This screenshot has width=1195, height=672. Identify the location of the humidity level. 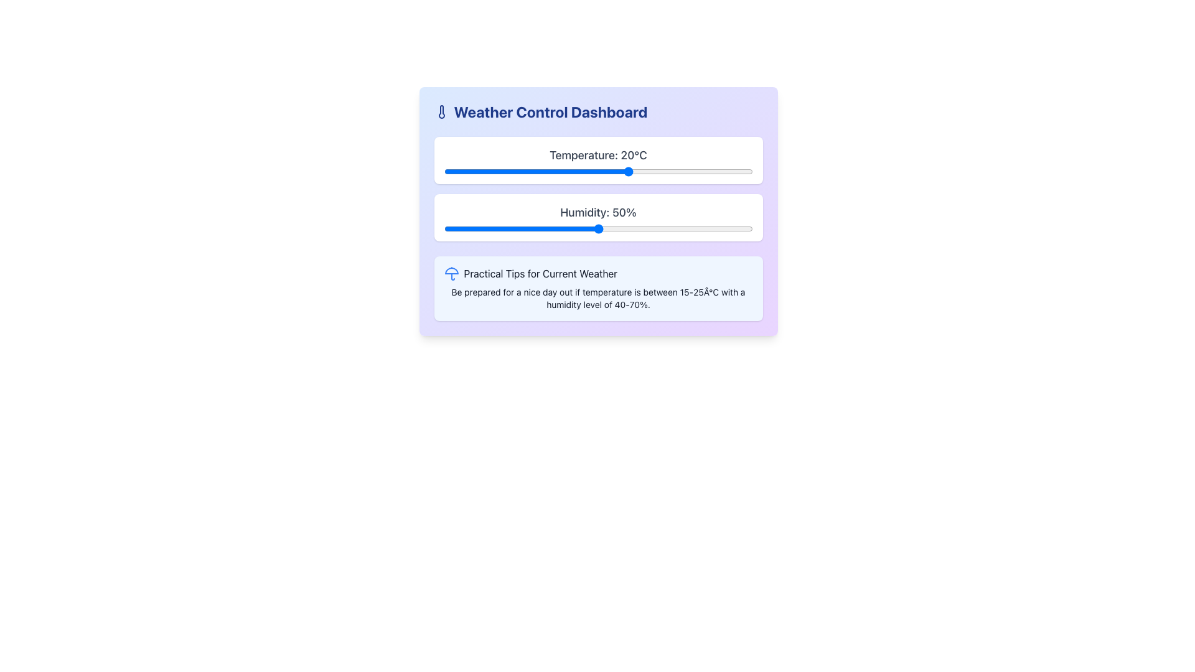
(576, 228).